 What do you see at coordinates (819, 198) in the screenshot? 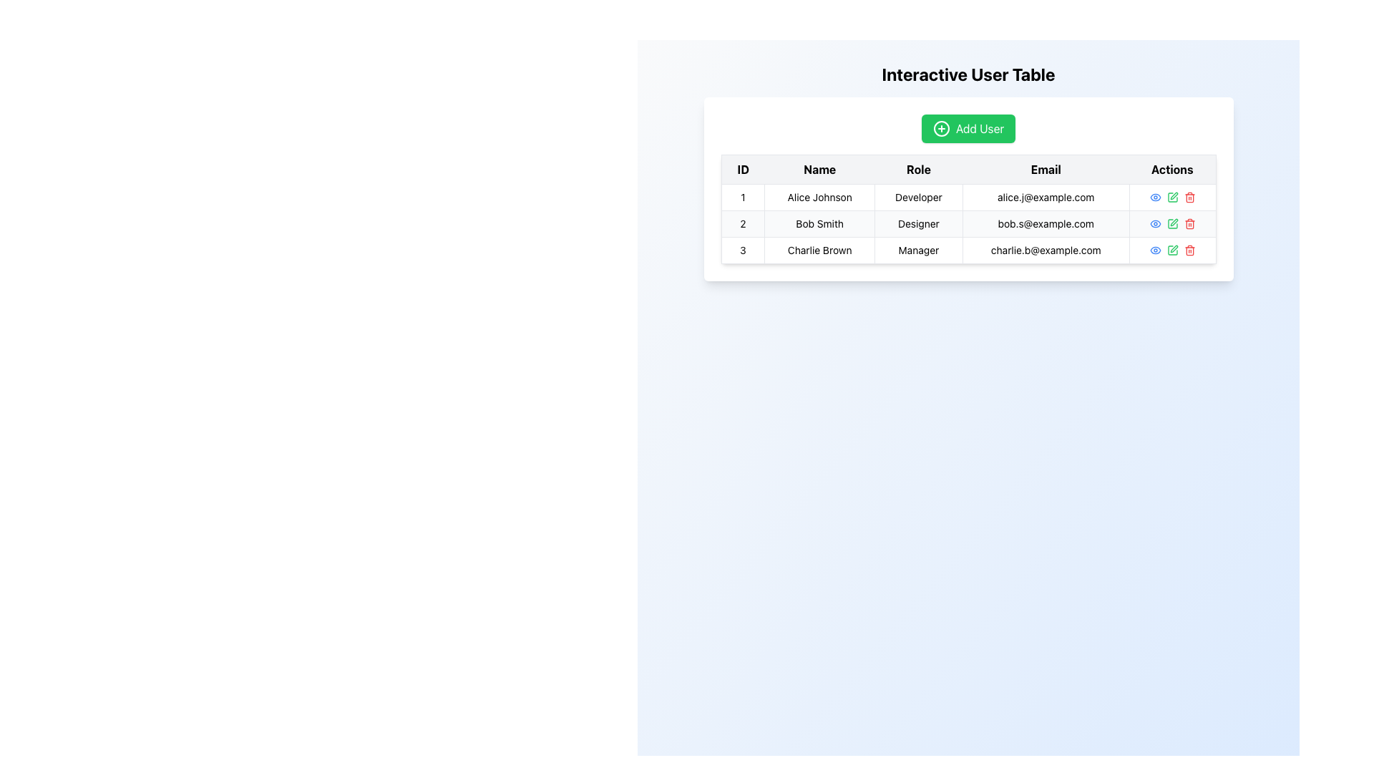
I see `the text label displaying 'Alice Johnson' located in the 'Name' column of the first row of the table` at bounding box center [819, 198].